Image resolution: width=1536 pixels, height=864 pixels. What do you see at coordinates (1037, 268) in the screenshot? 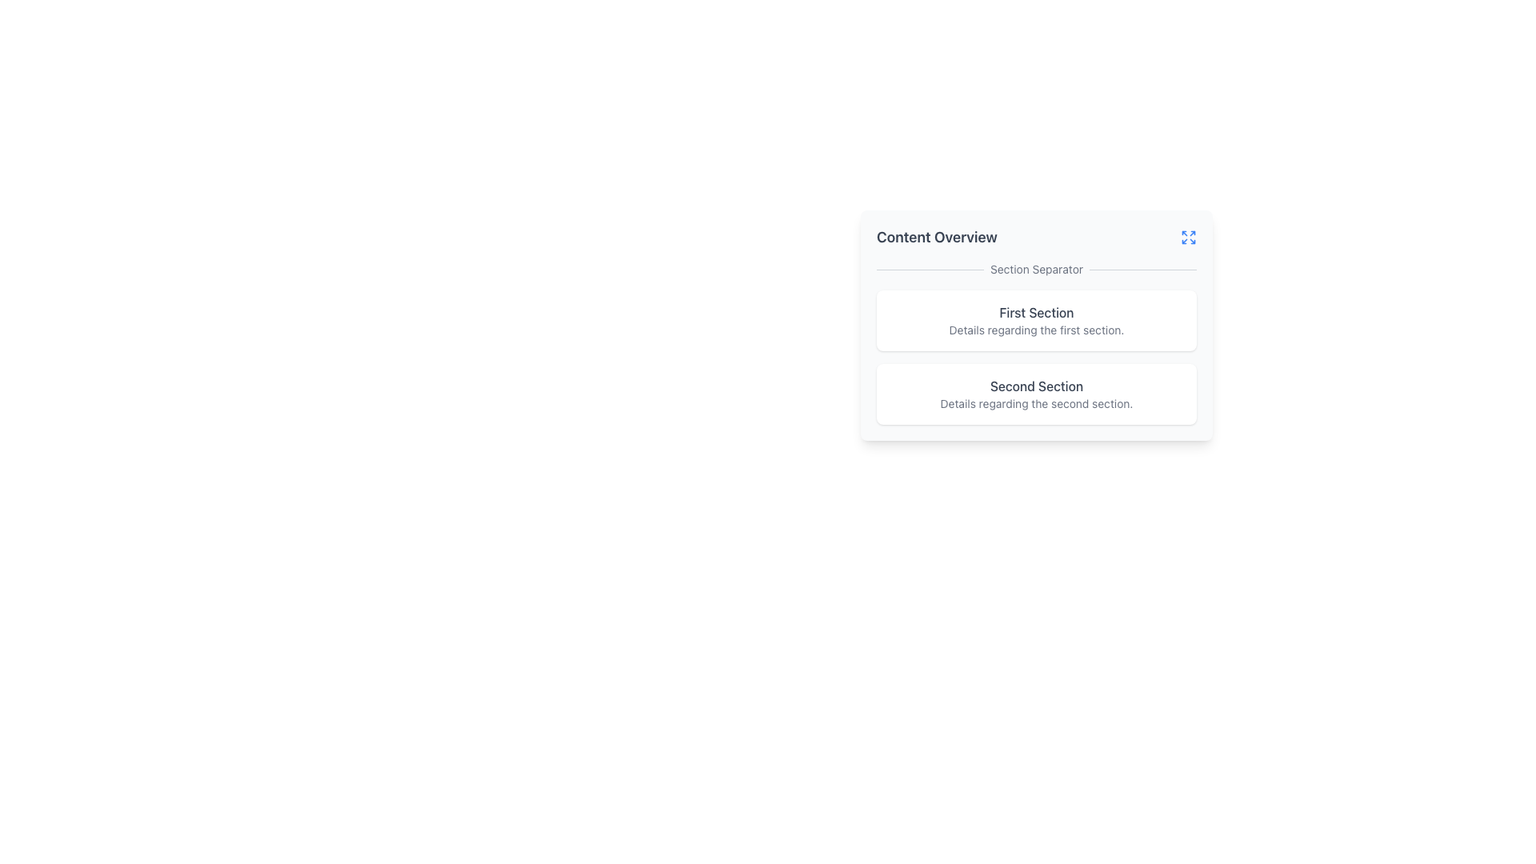
I see `the Decorative Section Separator which features a line segment extending from each side of the text label 'Section Separator' displayed in a small, gray font` at bounding box center [1037, 268].